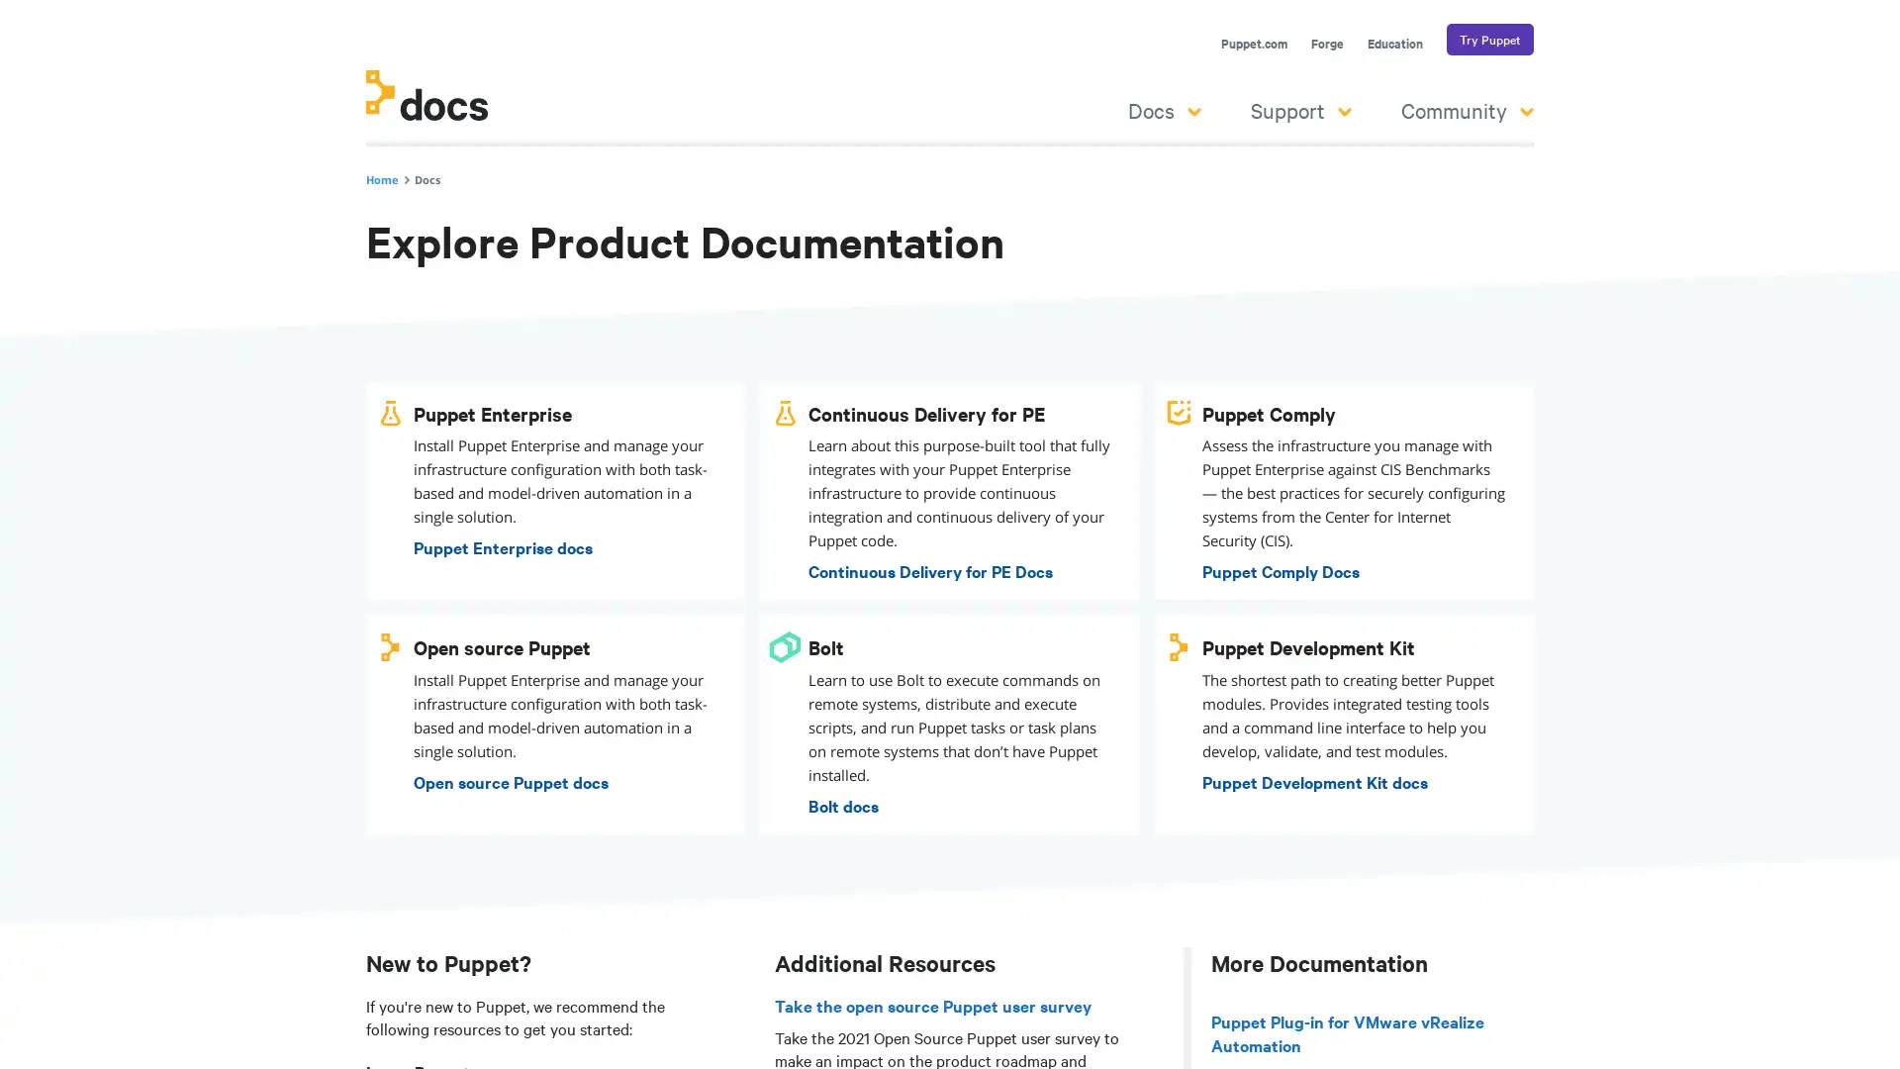  What do you see at coordinates (1468, 120) in the screenshot?
I see `Community` at bounding box center [1468, 120].